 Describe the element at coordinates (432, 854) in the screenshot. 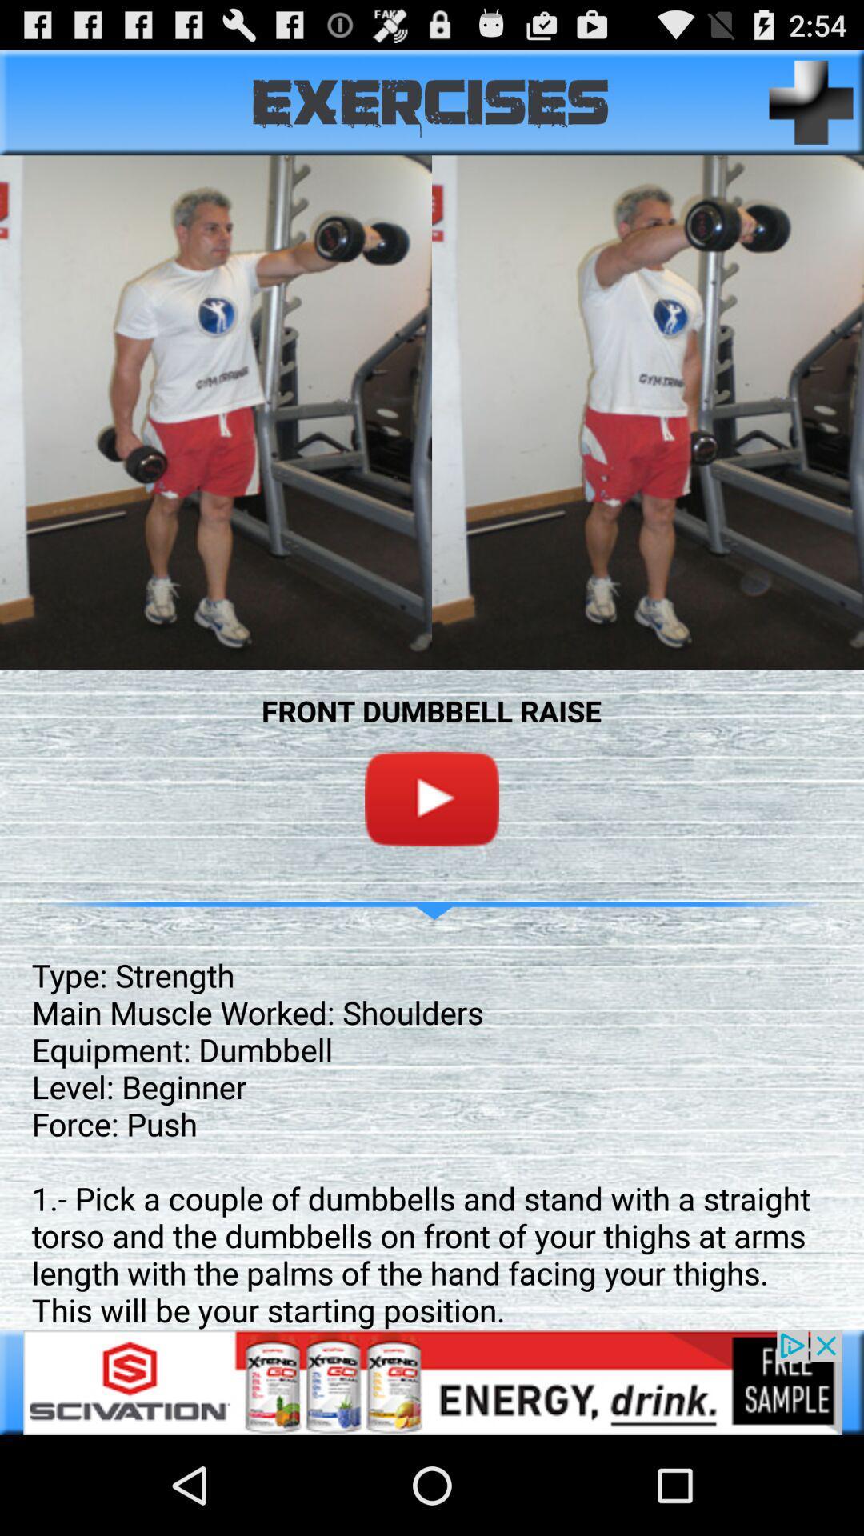

I see `the play icon` at that location.